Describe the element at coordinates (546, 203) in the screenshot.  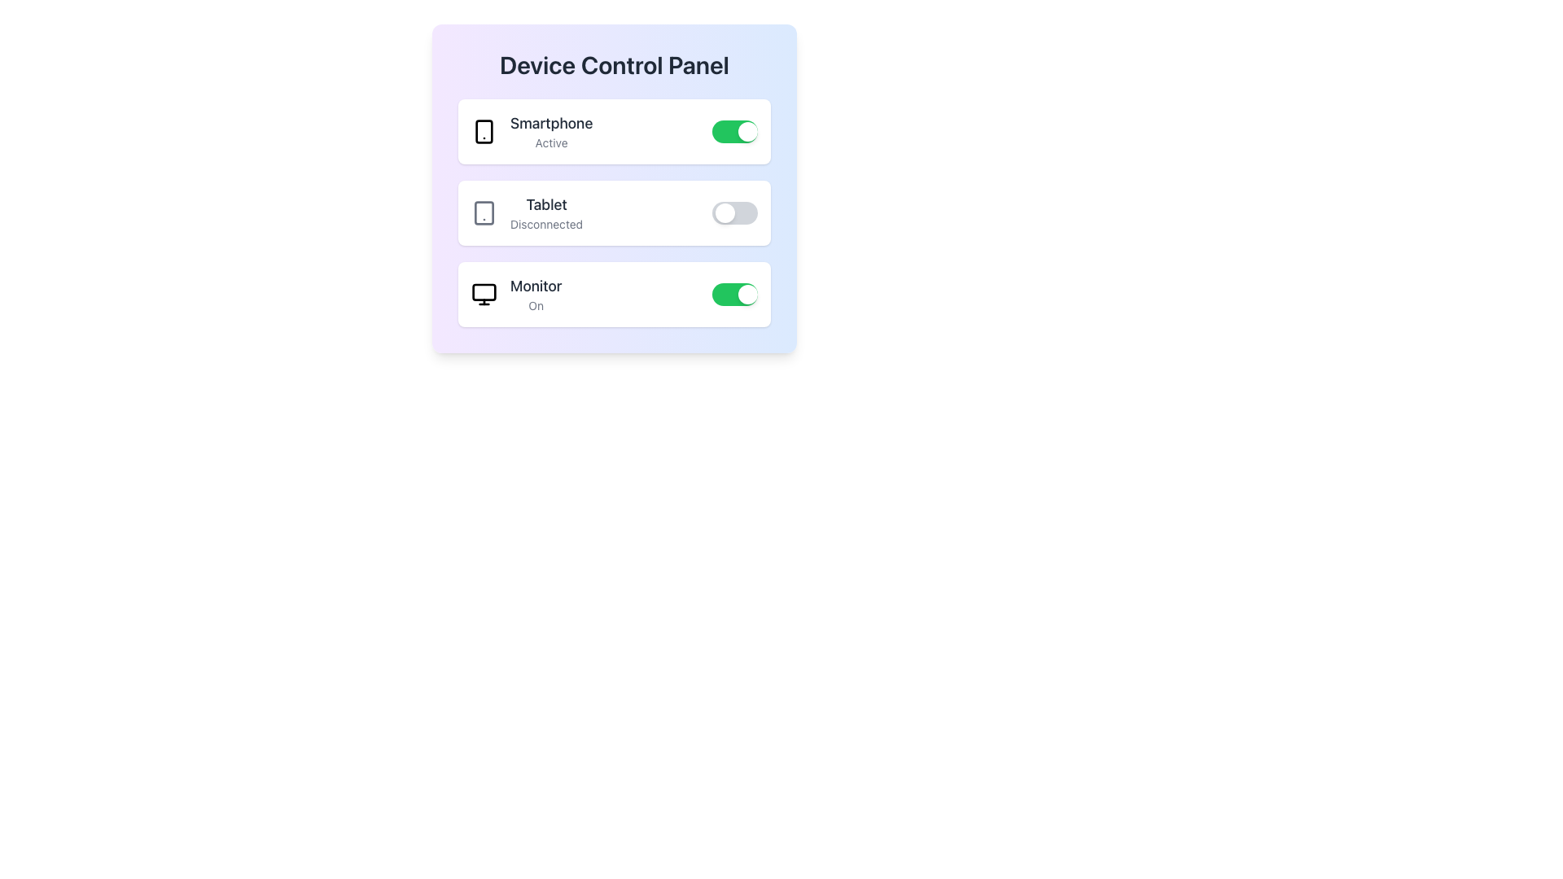
I see `the text label displaying 'Tablet' in bold, dark gray font, which is located in the device management panel next to a tablet icon` at that location.